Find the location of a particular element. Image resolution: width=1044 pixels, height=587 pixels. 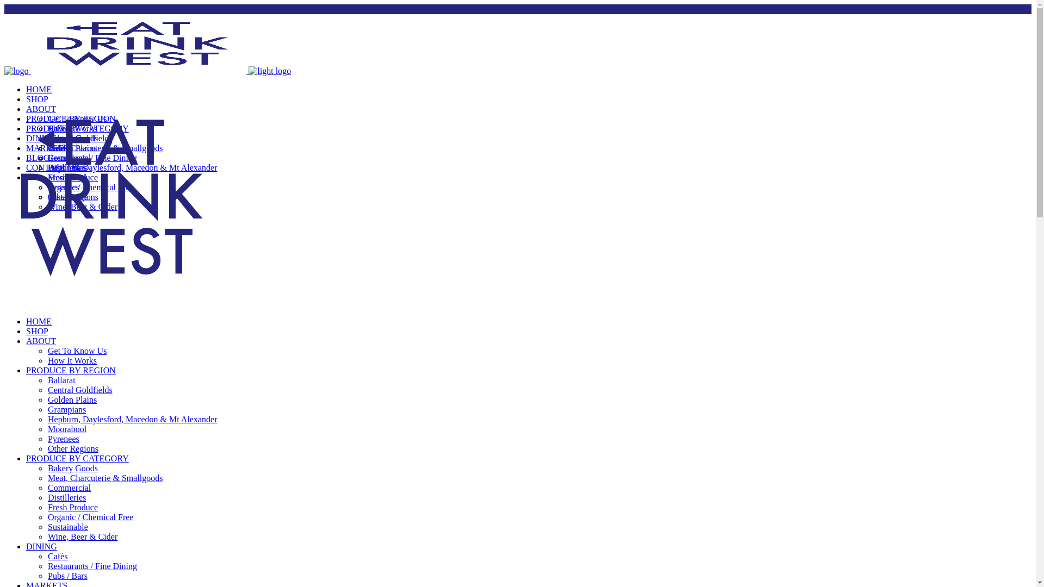

'Meat, Charcuterie & Smallgoods' is located at coordinates (105, 148).